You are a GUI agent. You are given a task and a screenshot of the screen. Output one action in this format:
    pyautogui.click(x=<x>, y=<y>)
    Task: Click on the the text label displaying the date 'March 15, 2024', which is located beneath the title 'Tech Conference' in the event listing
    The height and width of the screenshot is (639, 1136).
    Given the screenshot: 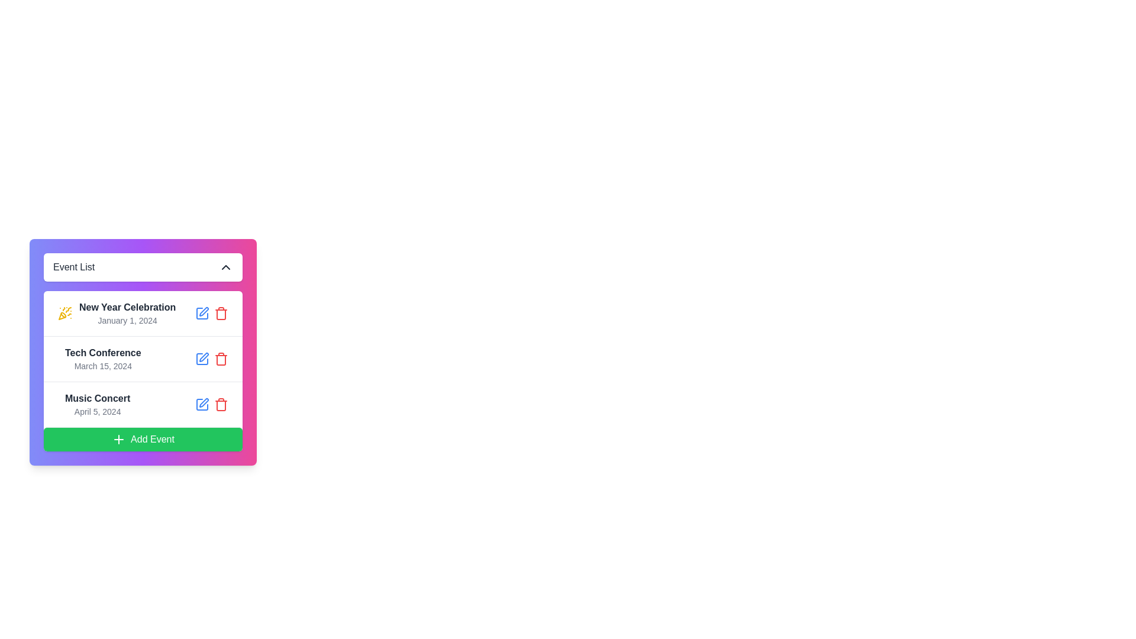 What is the action you would take?
    pyautogui.click(x=103, y=365)
    